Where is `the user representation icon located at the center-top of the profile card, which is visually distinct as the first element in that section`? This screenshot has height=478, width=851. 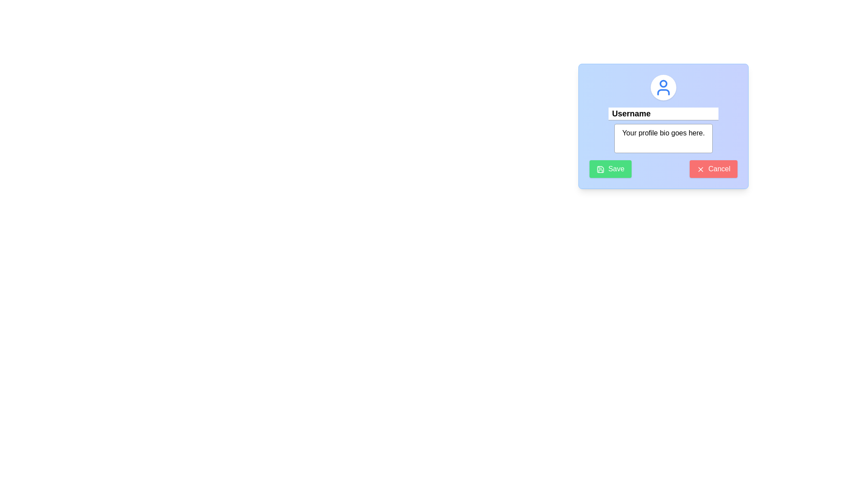
the user representation icon located at the center-top of the profile card, which is visually distinct as the first element in that section is located at coordinates (664, 87).